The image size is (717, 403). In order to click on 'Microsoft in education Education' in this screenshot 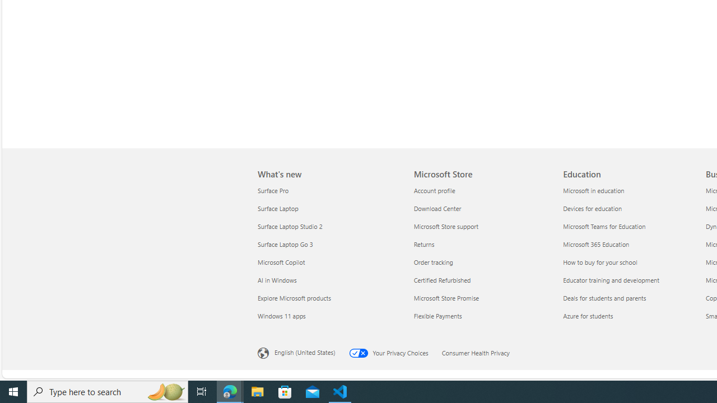, I will do `click(593, 189)`.